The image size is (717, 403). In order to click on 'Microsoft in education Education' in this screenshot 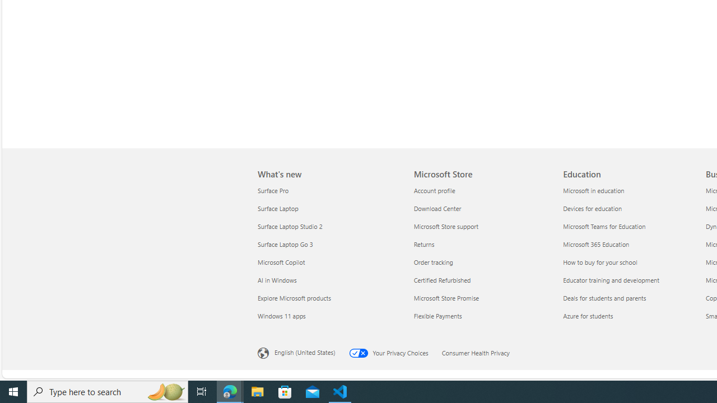, I will do `click(593, 189)`.